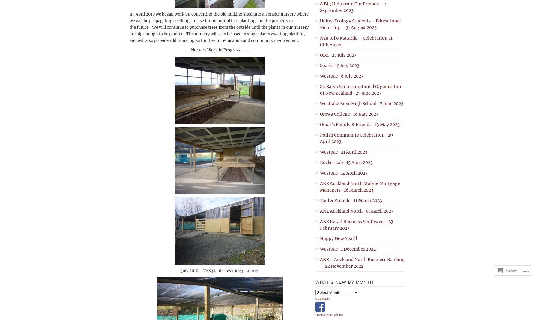  Describe the element at coordinates (361, 89) in the screenshot. I see `'Sri Satya Sai International Organisation of New Zealand–25 June 2023'` at that location.